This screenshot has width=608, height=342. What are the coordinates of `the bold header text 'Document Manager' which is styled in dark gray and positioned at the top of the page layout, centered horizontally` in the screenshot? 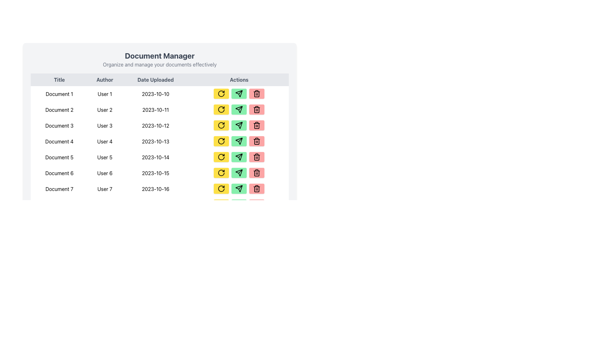 It's located at (160, 55).